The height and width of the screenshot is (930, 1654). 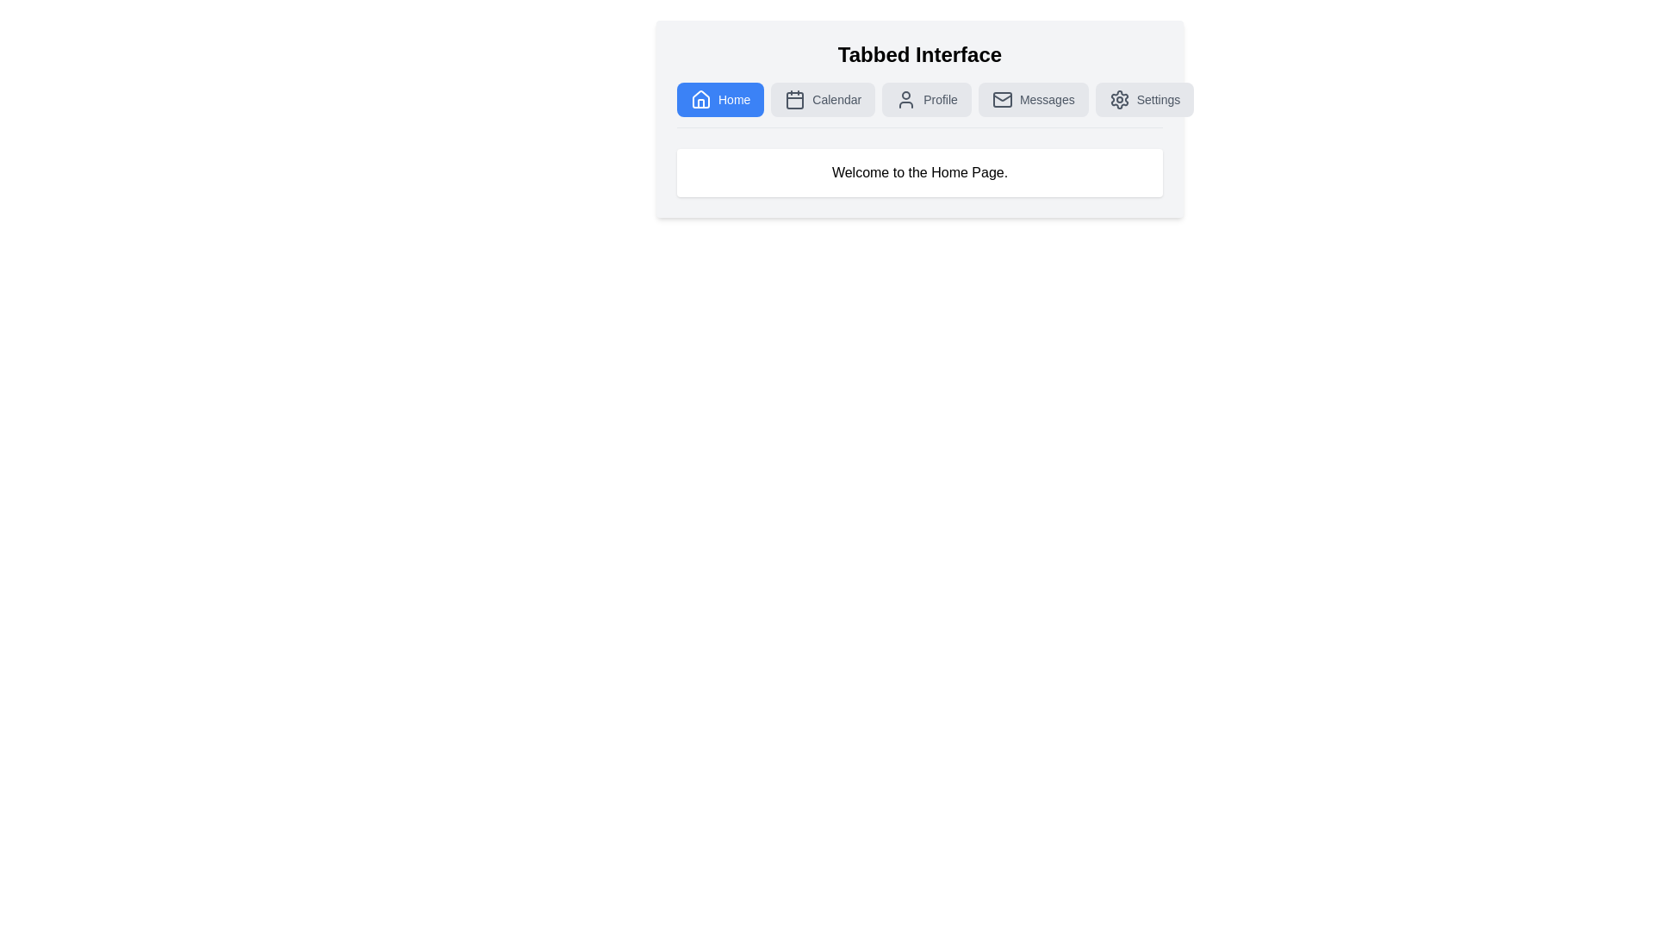 I want to click on the settings icon, which is a small gear-shaped icon with a dark outline located to the left of the 'Settings' label in the navigation bar, so click(x=1119, y=99).